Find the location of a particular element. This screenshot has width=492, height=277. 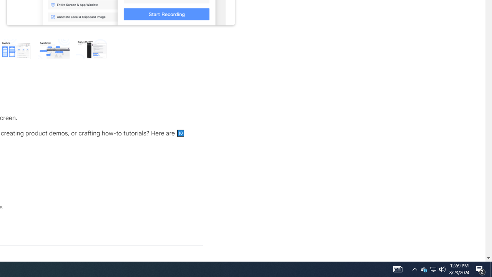

'Preview slide 5' is located at coordinates (91, 48).